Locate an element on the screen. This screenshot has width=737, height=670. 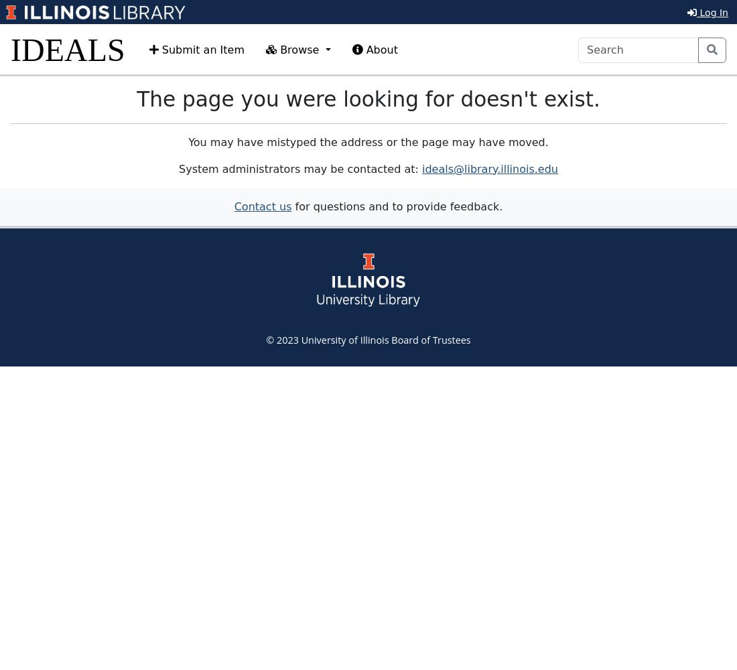
'ideals@library.illinois.edu' is located at coordinates (488, 168).